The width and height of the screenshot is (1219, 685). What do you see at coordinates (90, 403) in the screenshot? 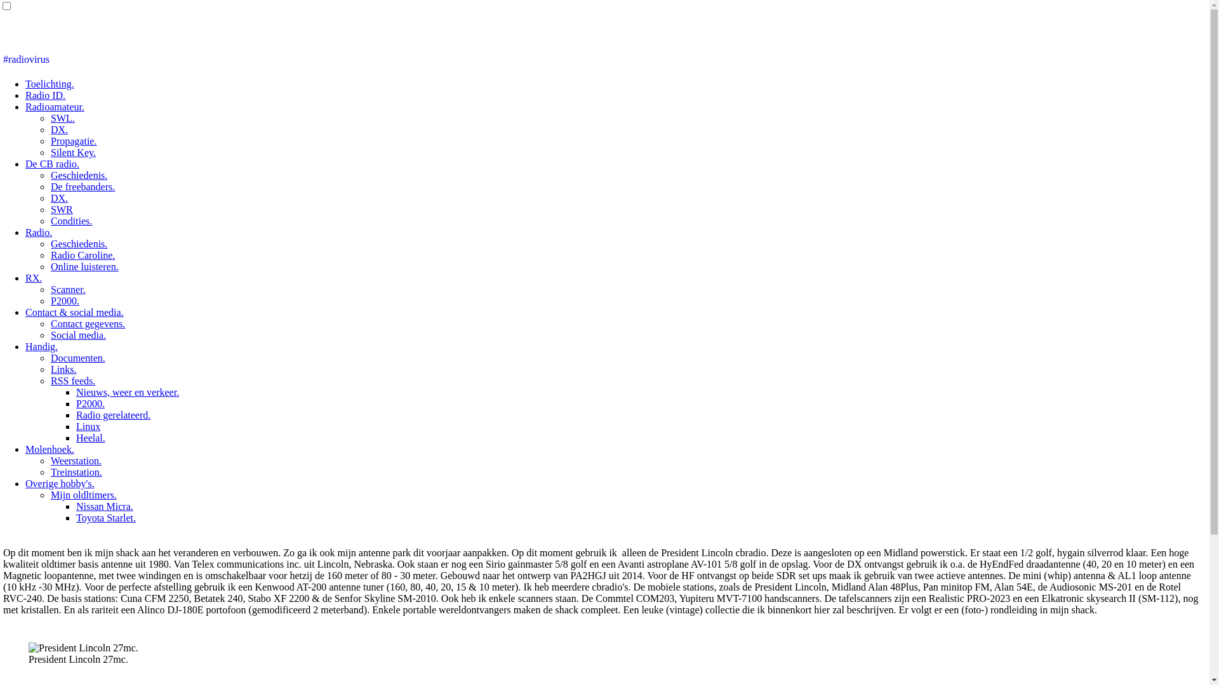
I see `'P2000.'` at bounding box center [90, 403].